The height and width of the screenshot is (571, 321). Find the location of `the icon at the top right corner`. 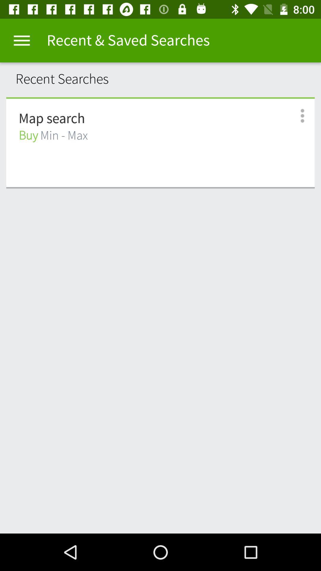

the icon at the top right corner is located at coordinates (296, 116).